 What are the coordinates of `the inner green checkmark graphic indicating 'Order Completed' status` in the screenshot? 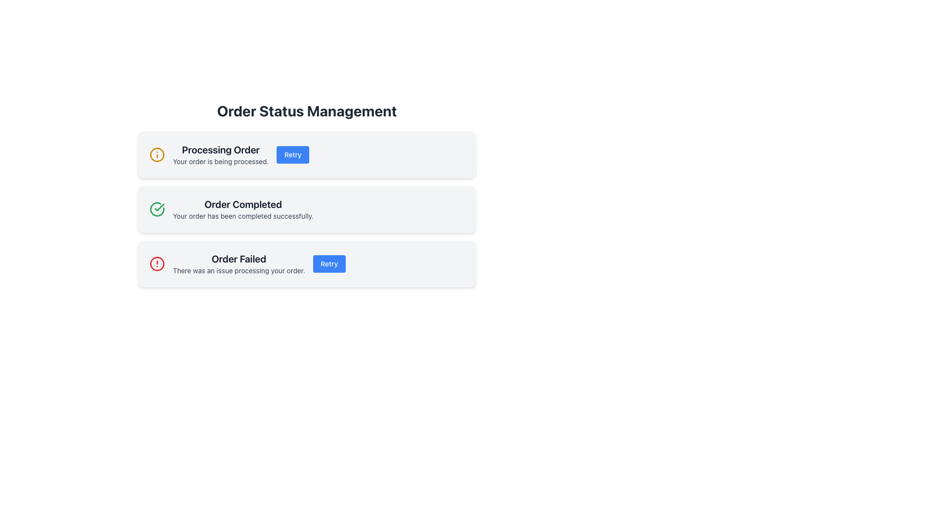 It's located at (159, 207).